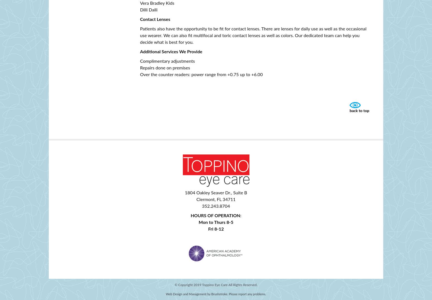  Describe the element at coordinates (253, 35) in the screenshot. I see `'Patients also have the opportunity to be fit for contact lenses. There are lenses for daily use as well as the occasional use wearer. We can also fit multifocal and toric contact lenses as well as colors. Our dedicated team can help you decide what is best for you.'` at that location.